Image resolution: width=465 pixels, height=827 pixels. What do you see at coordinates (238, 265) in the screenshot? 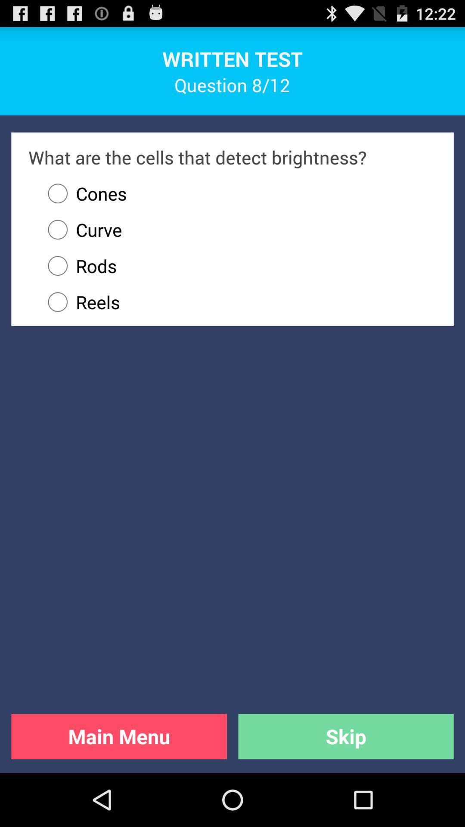
I see `rods radio button` at bounding box center [238, 265].